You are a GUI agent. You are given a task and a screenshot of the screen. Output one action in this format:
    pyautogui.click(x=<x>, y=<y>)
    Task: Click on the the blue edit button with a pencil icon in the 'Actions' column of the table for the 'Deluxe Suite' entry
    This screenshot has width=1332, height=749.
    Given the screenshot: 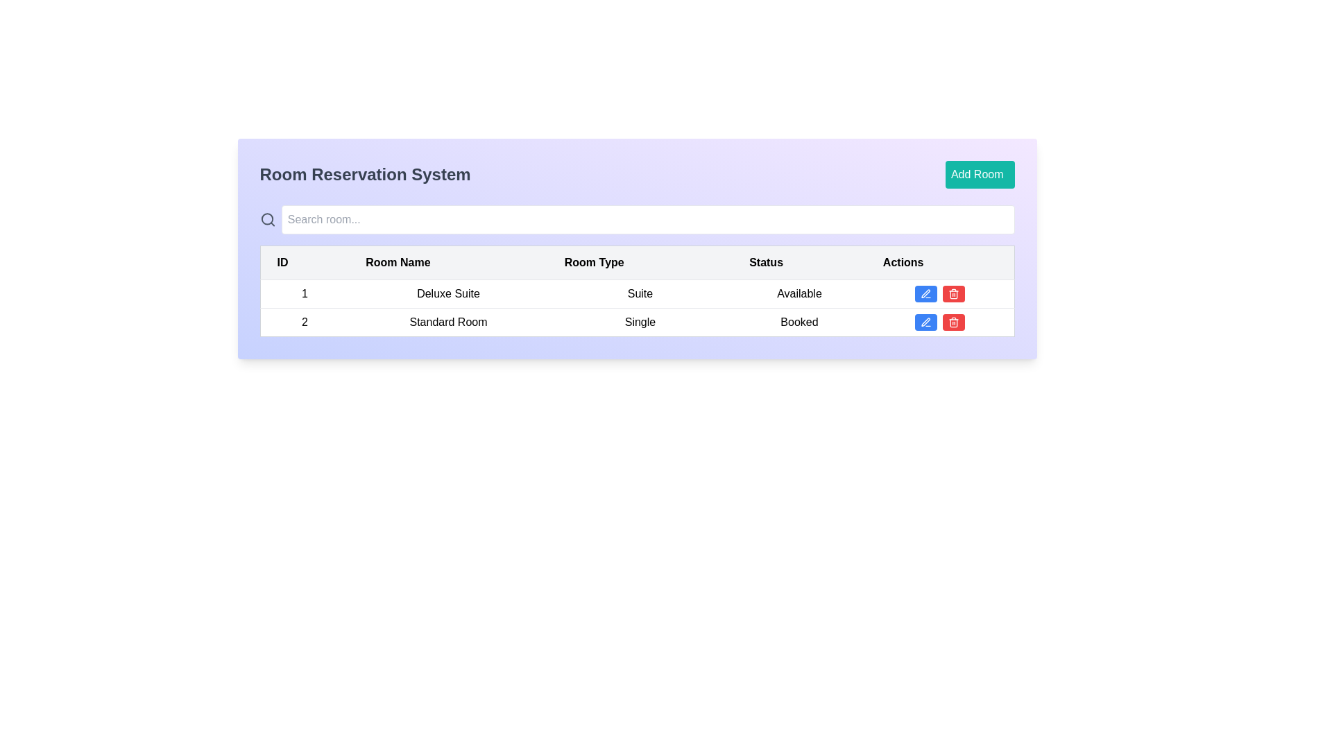 What is the action you would take?
    pyautogui.click(x=926, y=293)
    